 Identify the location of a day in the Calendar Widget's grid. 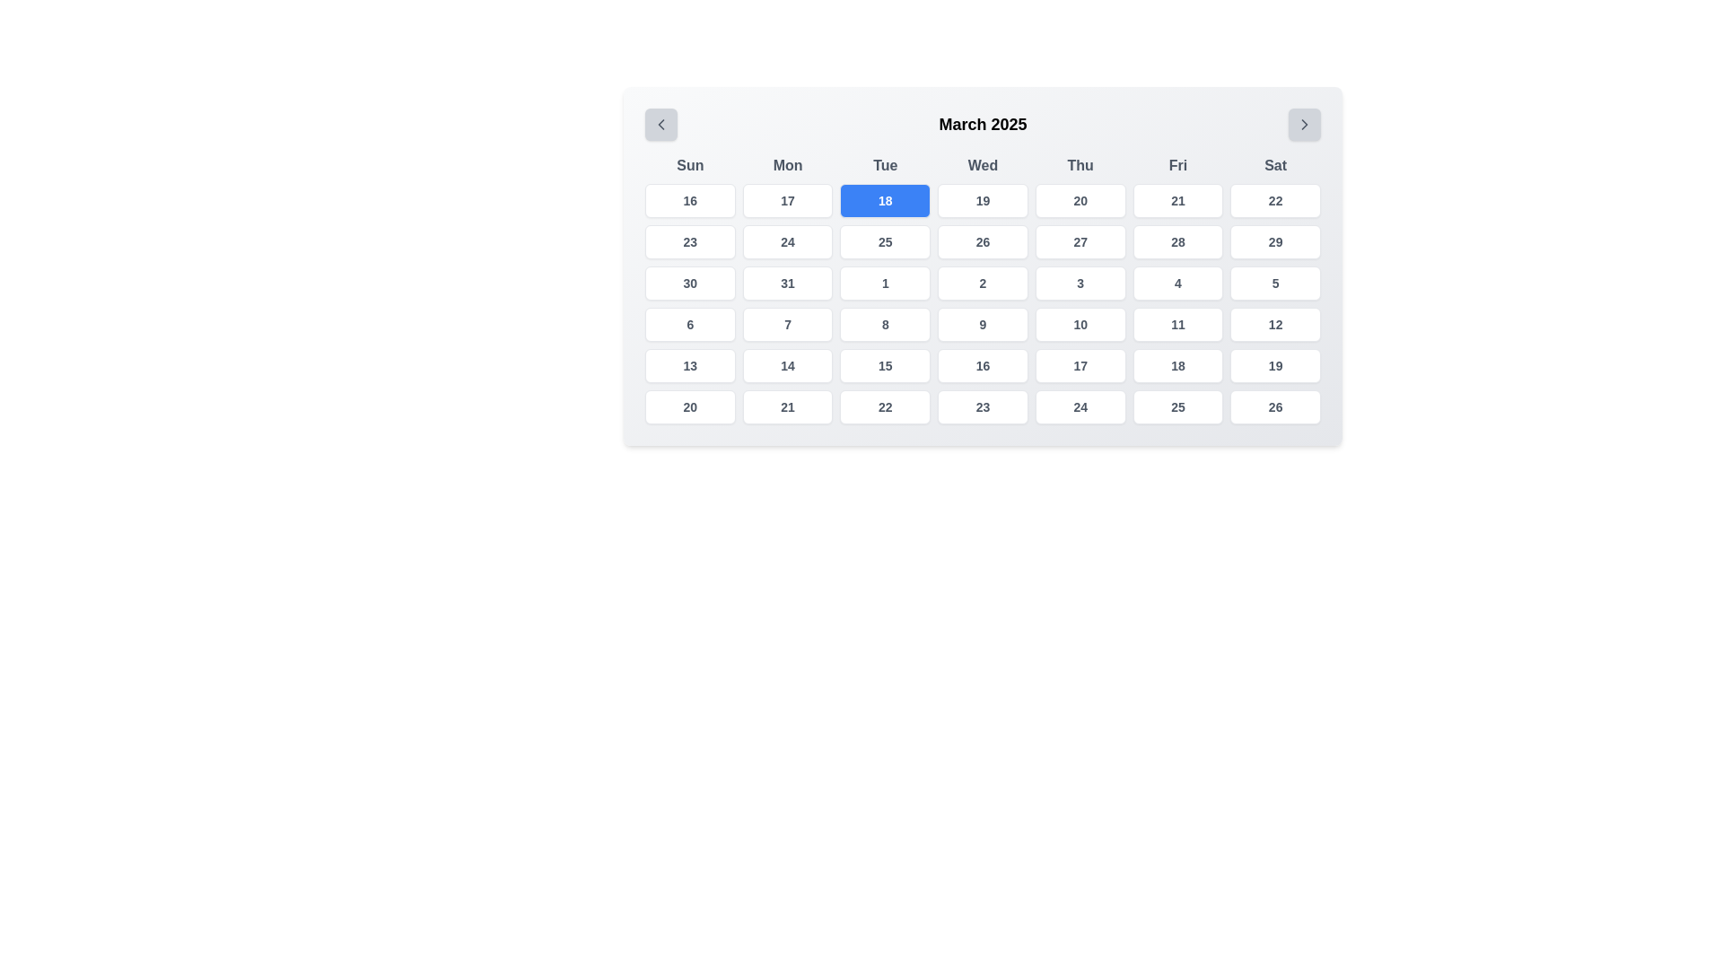
(982, 266).